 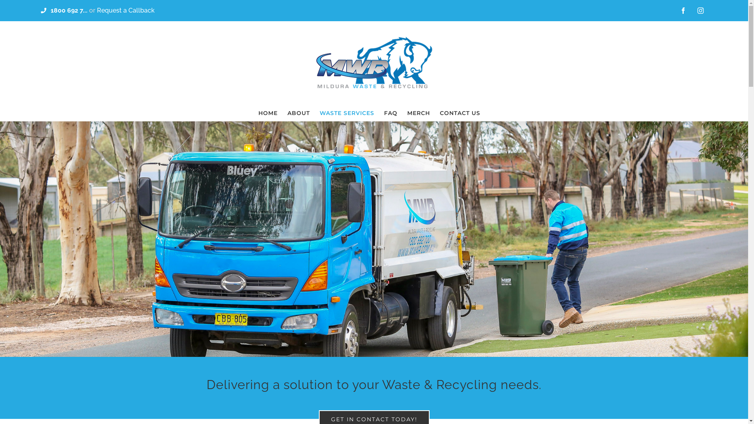 What do you see at coordinates (268, 113) in the screenshot?
I see `'HOME'` at bounding box center [268, 113].